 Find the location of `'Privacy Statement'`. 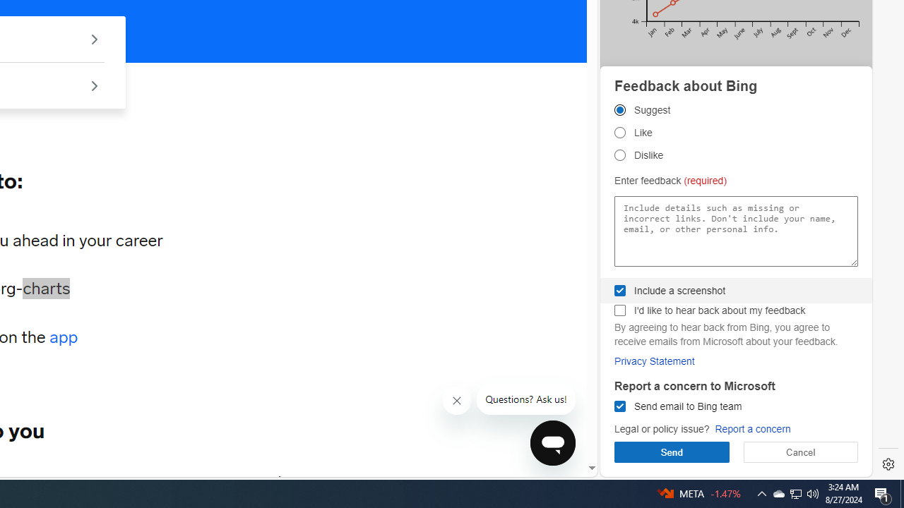

'Privacy Statement' is located at coordinates (654, 360).